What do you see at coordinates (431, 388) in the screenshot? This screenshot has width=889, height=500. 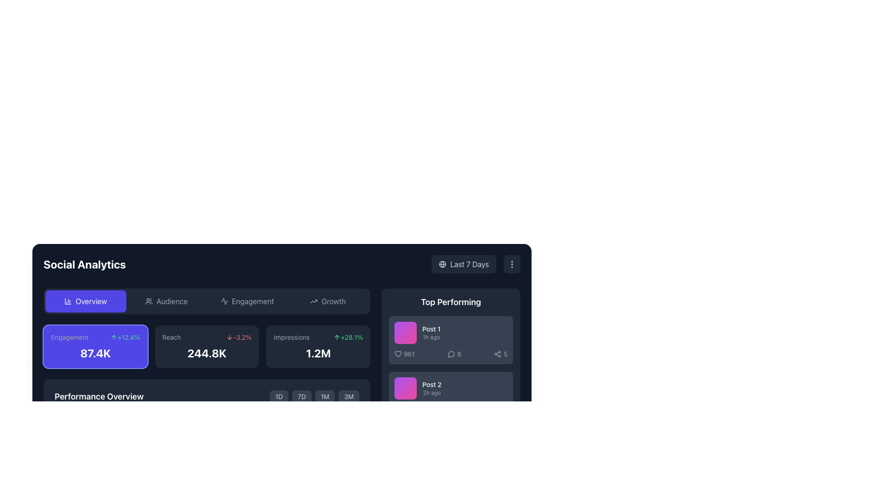 I see `text from the Text Label displaying details about a specific post, located under the 'Top Performing' section, as the second item in the list of posts` at bounding box center [431, 388].